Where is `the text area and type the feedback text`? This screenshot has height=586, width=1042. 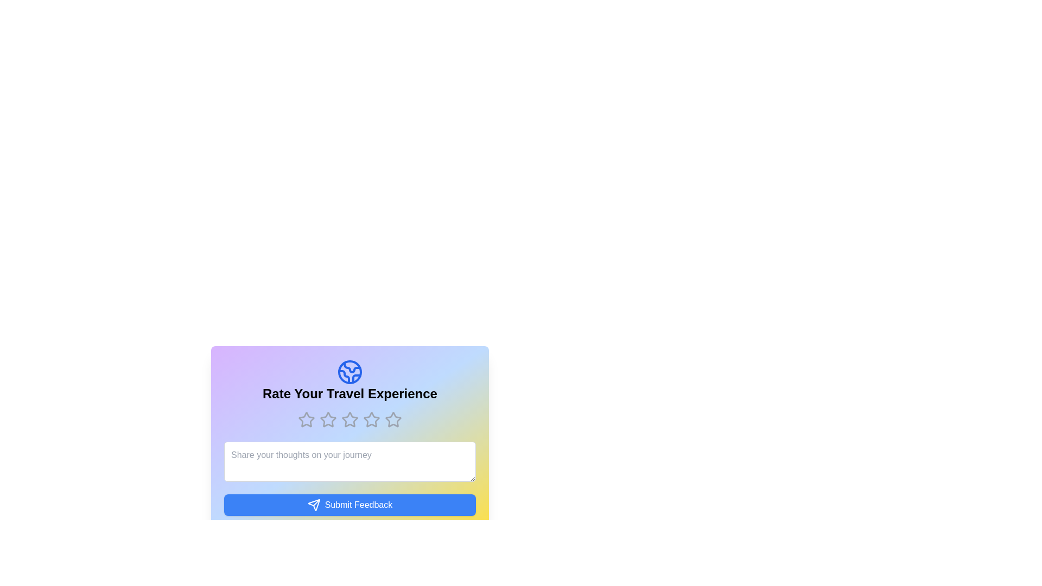 the text area and type the feedback text is located at coordinates (350, 462).